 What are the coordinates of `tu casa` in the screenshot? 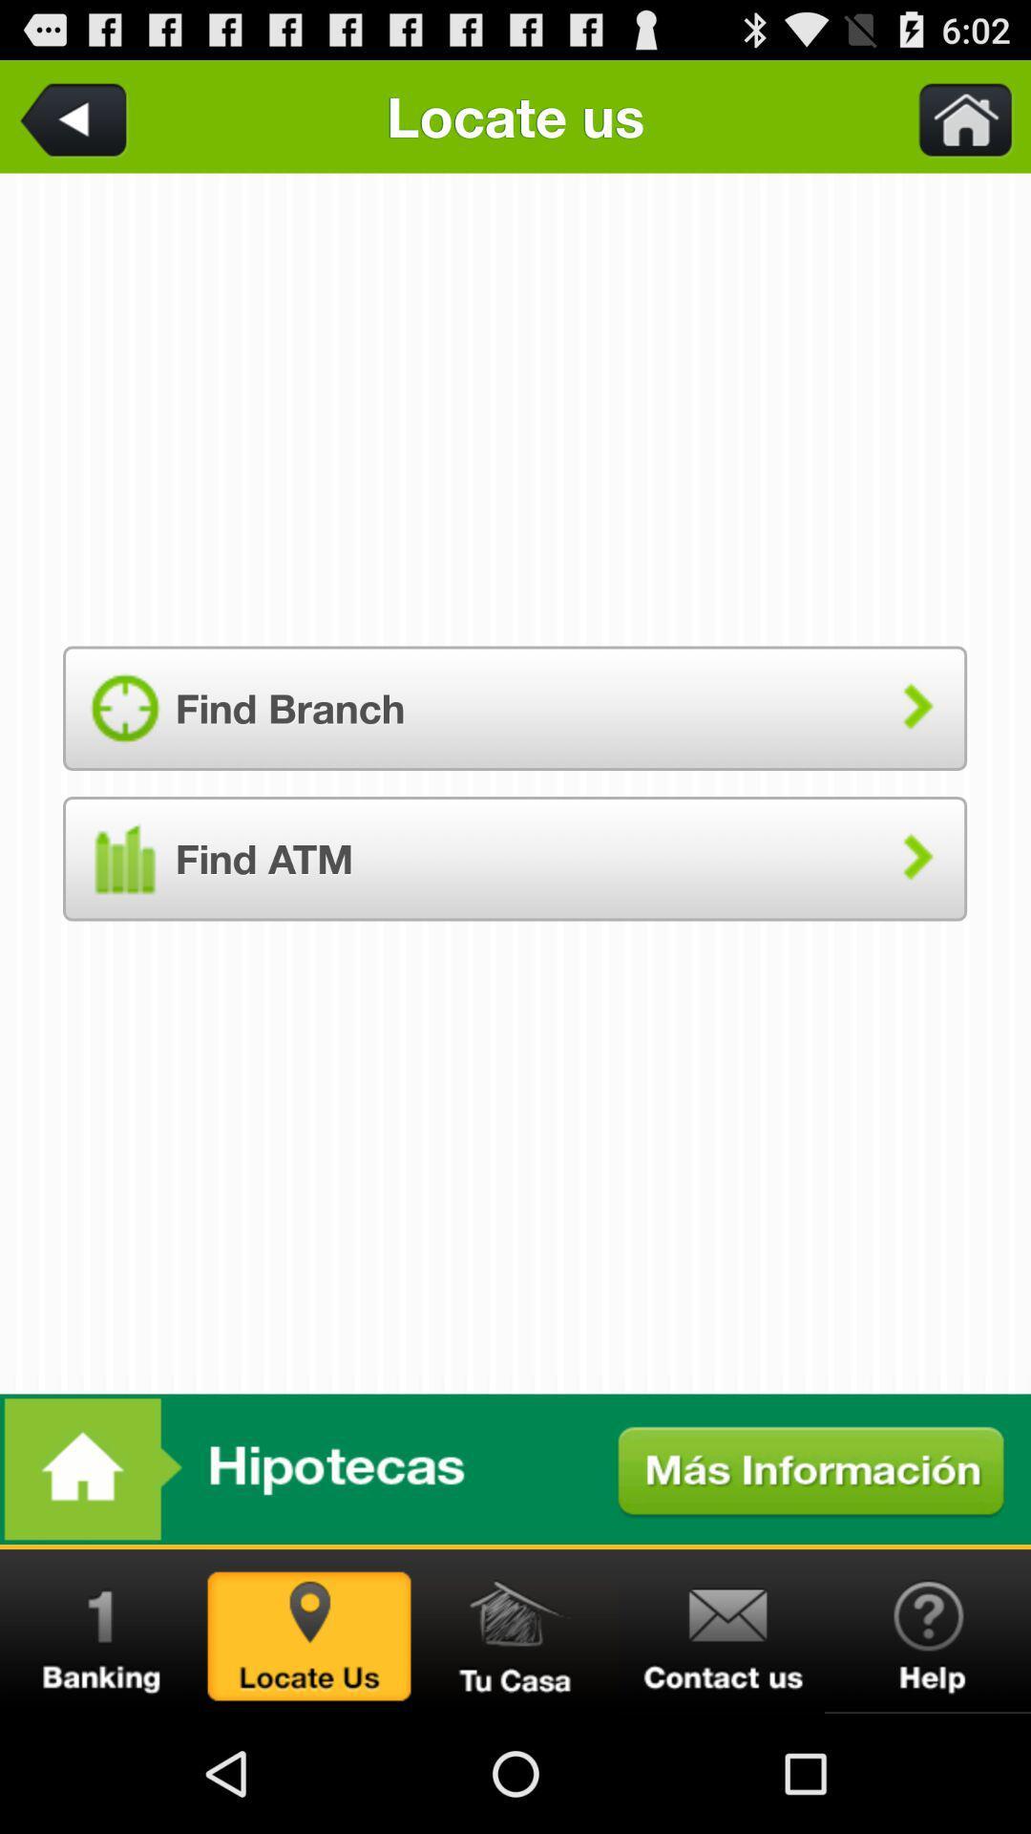 It's located at (515, 1631).